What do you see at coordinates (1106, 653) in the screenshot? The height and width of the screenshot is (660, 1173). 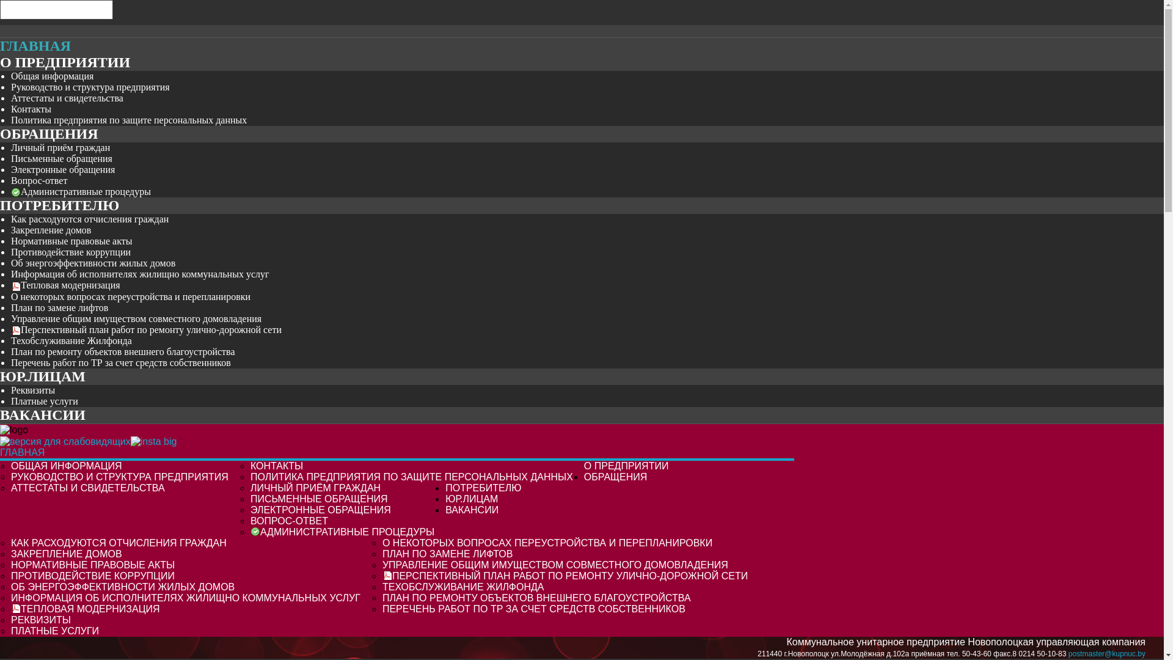 I see `'postmaster@kupnuc.by'` at bounding box center [1106, 653].